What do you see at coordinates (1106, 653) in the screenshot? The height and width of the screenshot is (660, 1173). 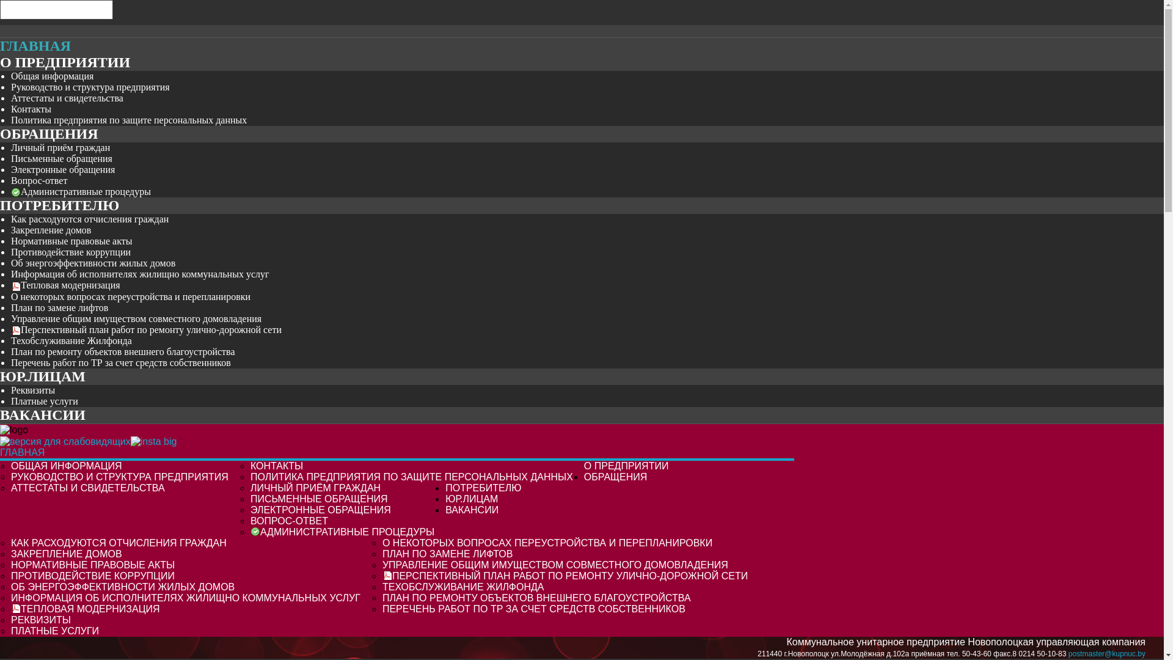 I see `'postmaster@kupnuc.by'` at bounding box center [1106, 653].